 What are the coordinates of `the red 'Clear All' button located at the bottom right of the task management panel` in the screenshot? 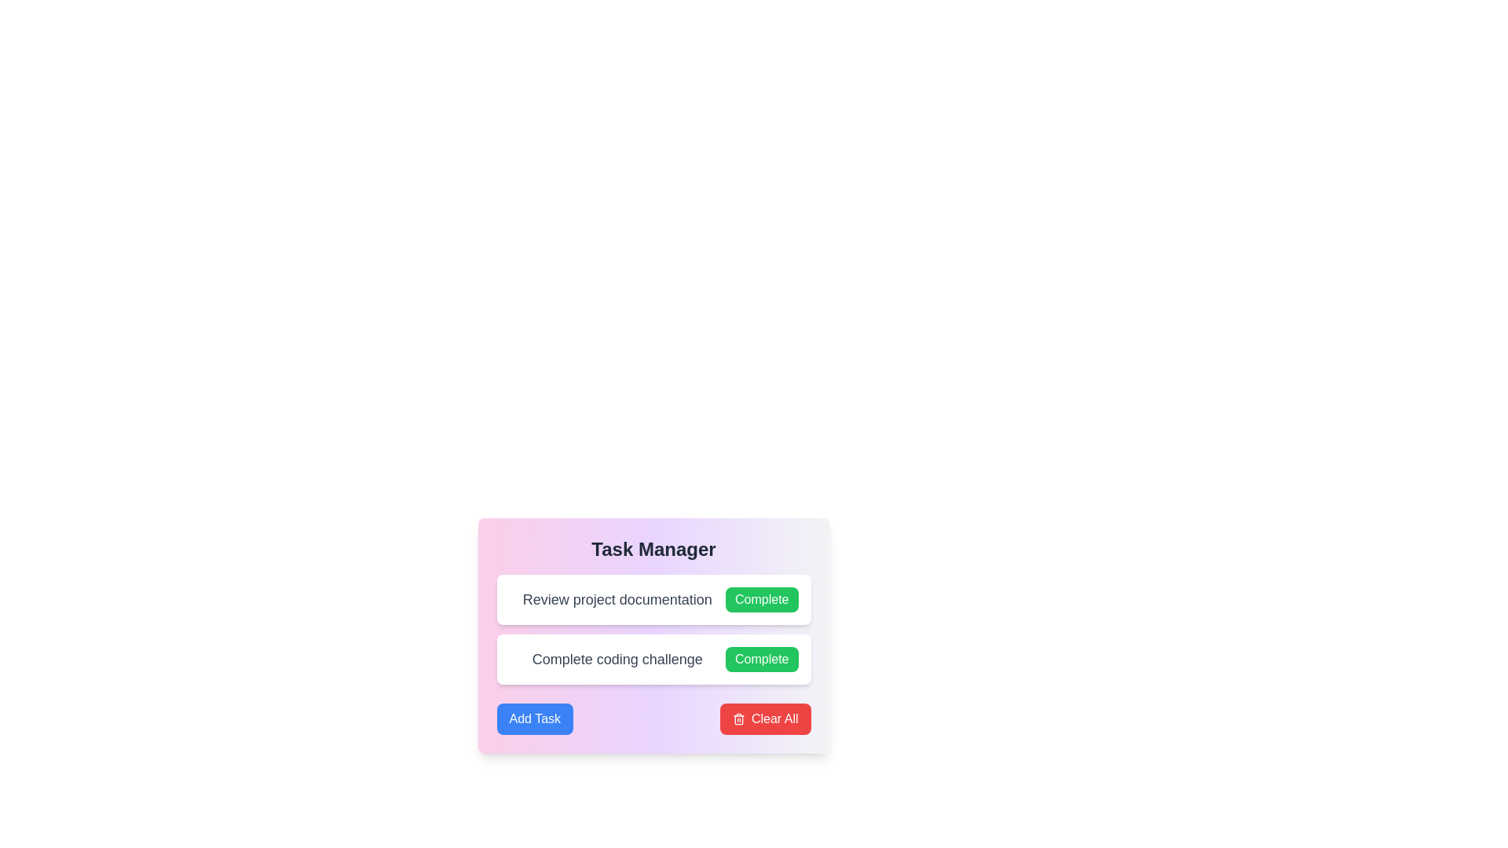 It's located at (765, 718).